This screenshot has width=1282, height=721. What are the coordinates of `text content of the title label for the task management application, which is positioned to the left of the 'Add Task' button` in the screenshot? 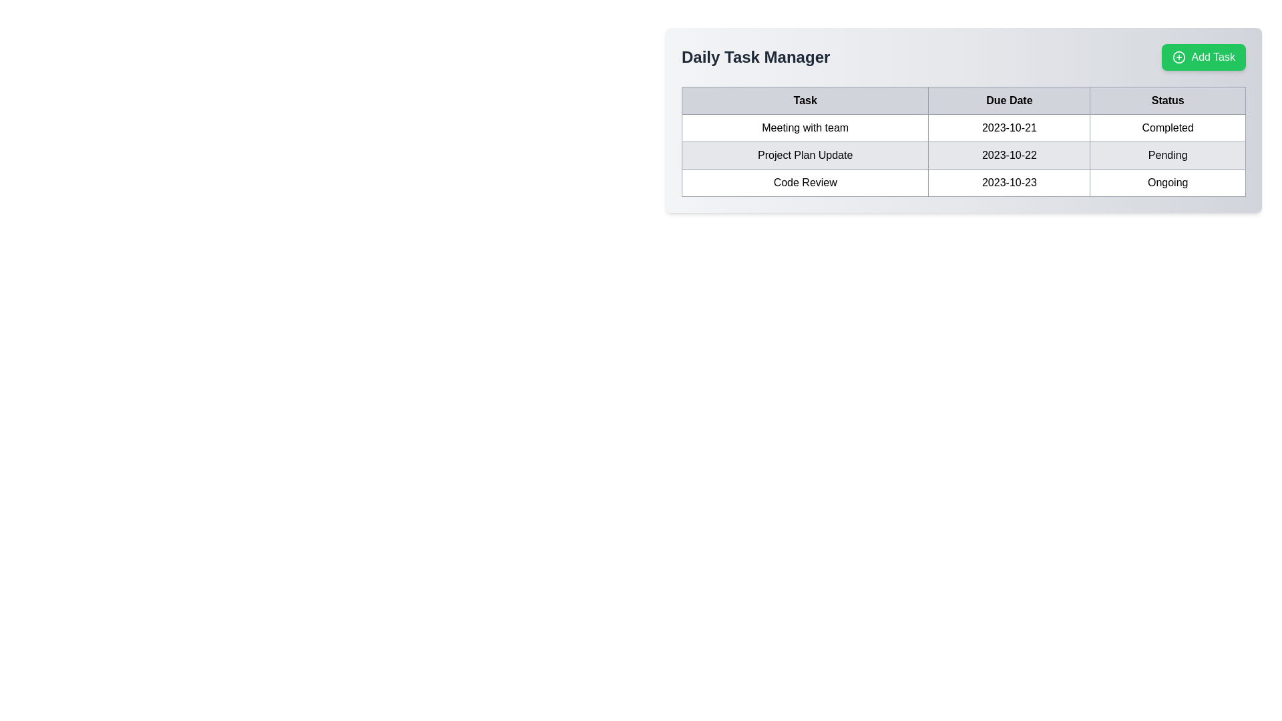 It's located at (756, 56).